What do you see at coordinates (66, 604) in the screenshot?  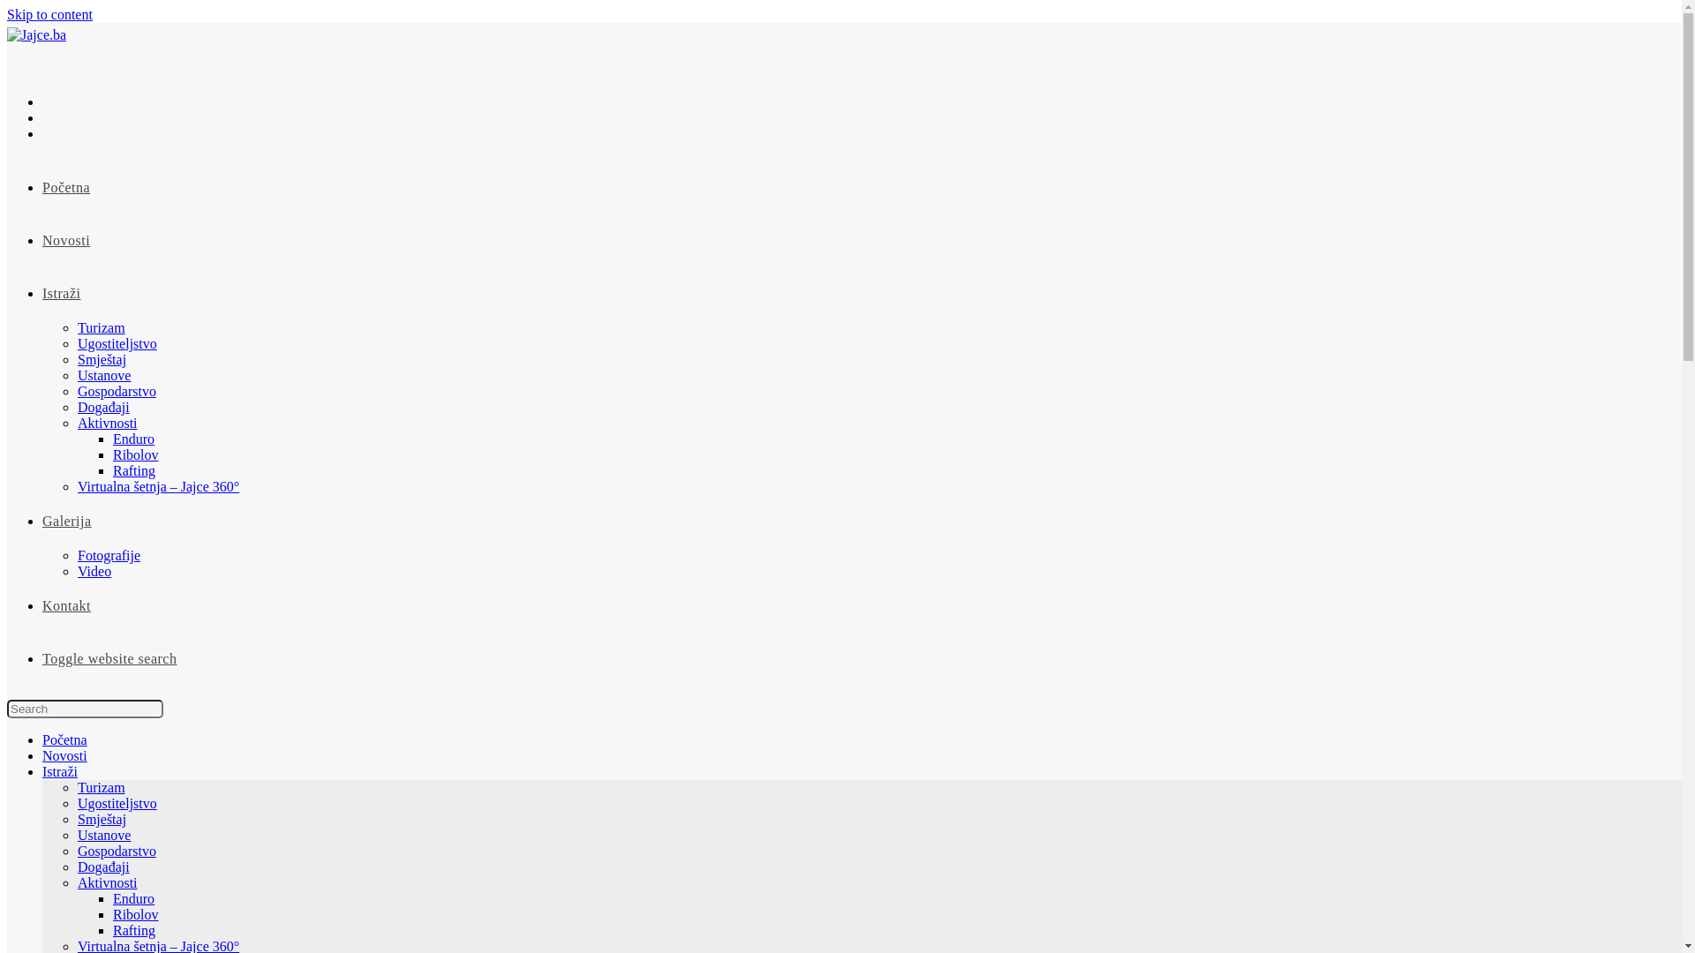 I see `'Kontakt'` at bounding box center [66, 604].